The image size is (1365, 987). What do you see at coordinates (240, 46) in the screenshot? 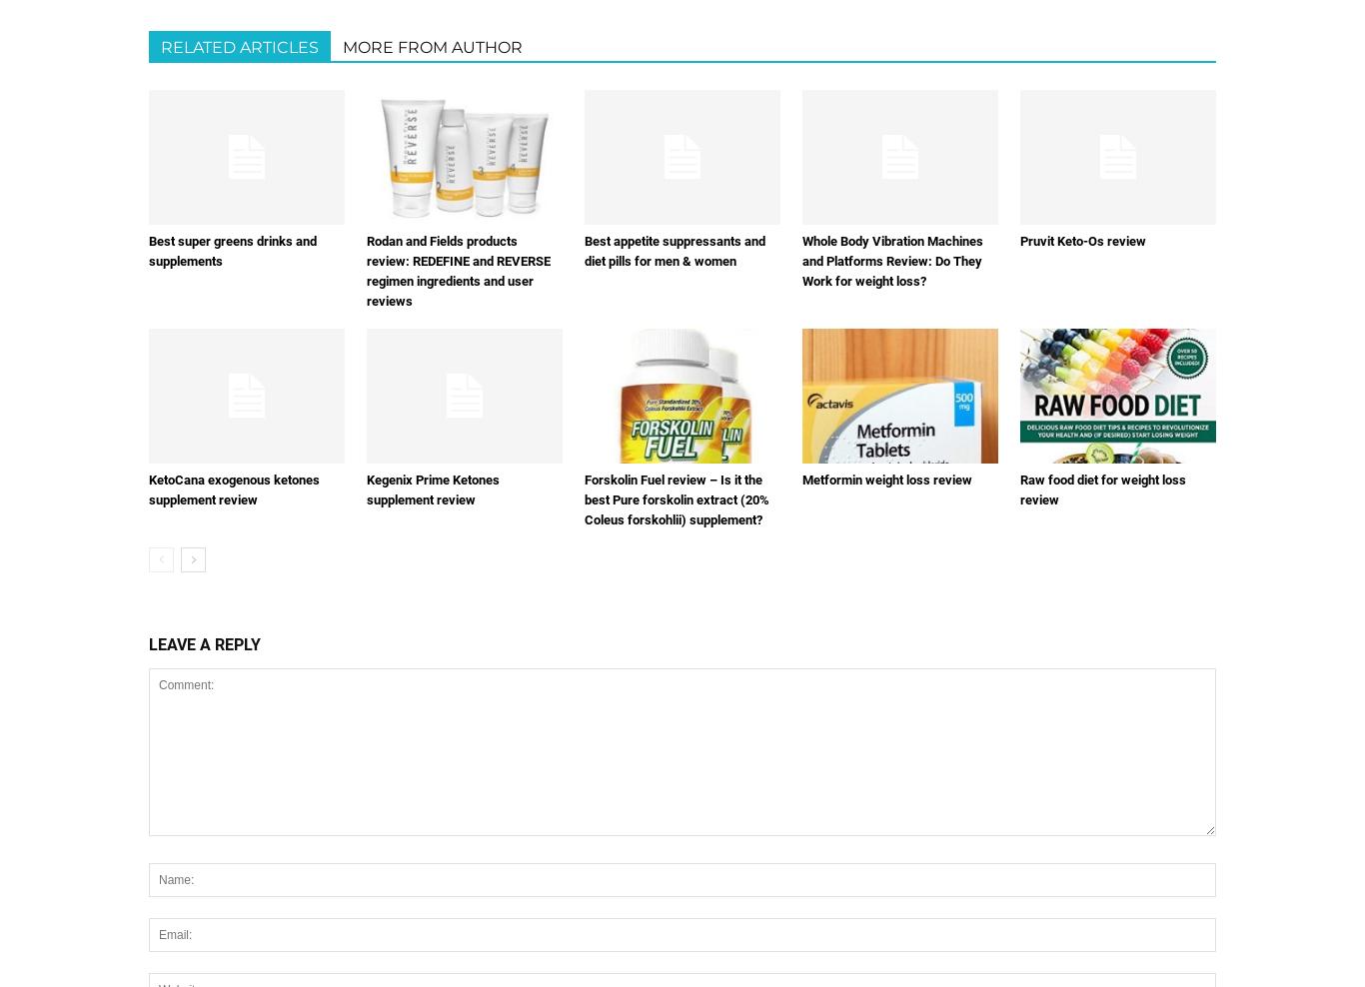
I see `'RELATED ARTICLES'` at bounding box center [240, 46].